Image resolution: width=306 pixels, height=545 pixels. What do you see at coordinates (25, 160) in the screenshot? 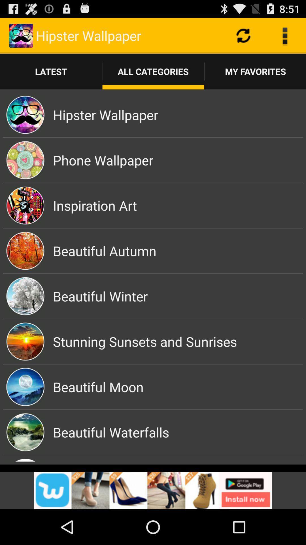
I see `the second image from the top` at bounding box center [25, 160].